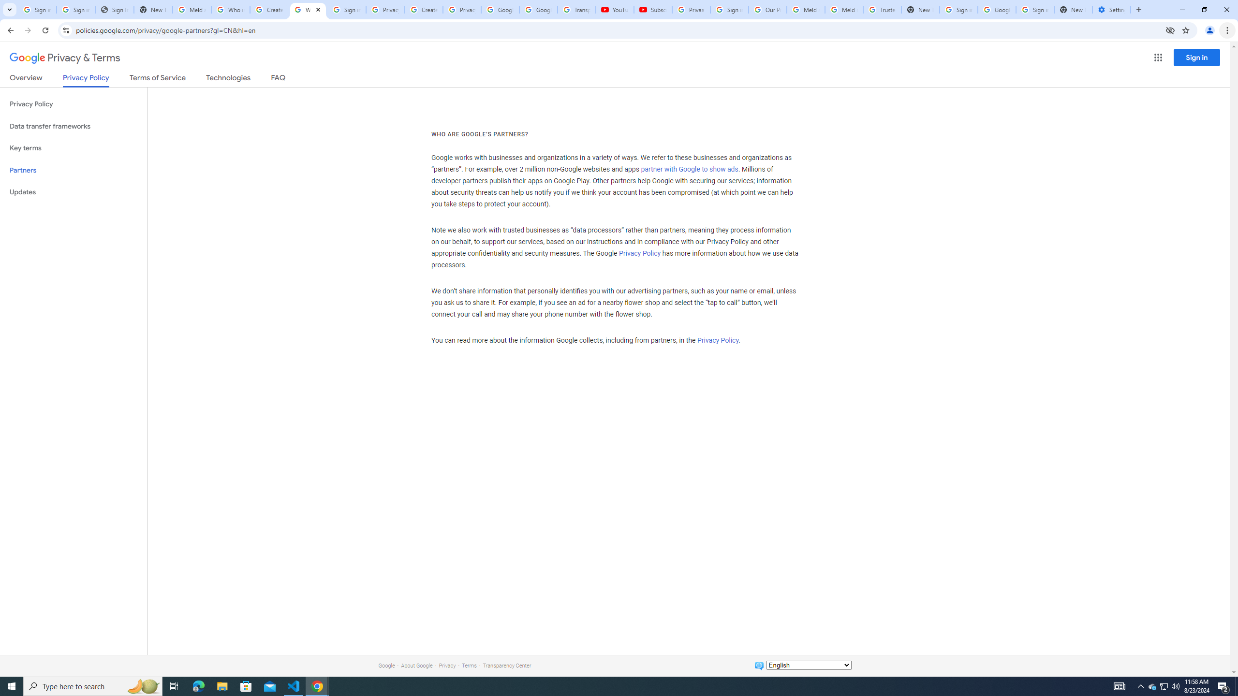 The width and height of the screenshot is (1238, 696). I want to click on 'About Google', so click(416, 665).